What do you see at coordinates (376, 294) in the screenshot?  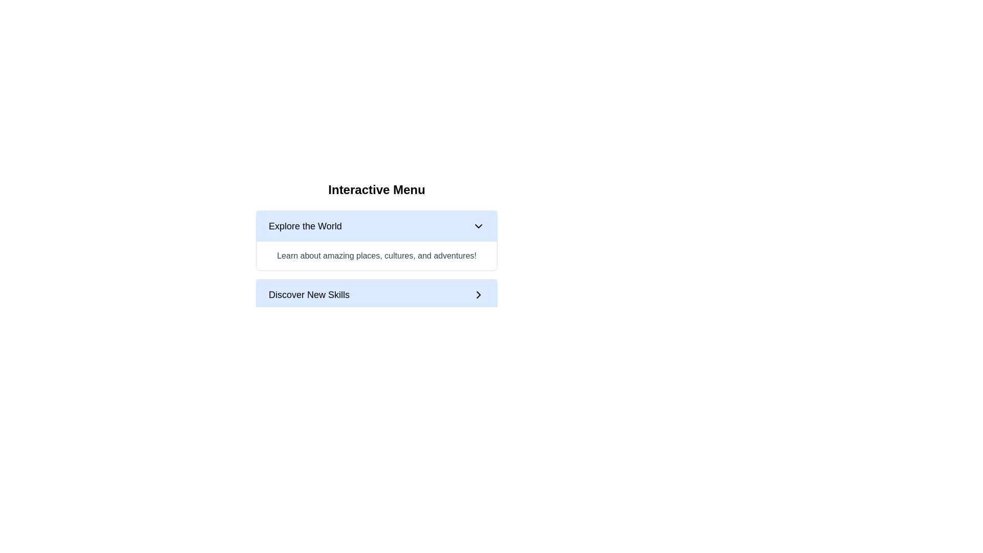 I see `the 'Discover New Skills' button, which is a blue rectangular button located below the 'Explore the World' section in the 'Interactive Menu'` at bounding box center [376, 294].